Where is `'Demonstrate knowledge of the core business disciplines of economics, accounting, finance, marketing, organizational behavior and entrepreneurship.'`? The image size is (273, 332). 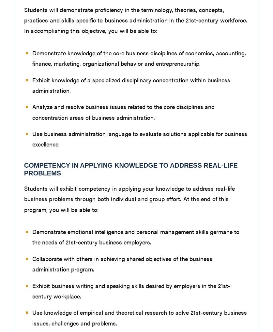
'Demonstrate knowledge of the core business disciplines of economics, accounting, finance, marketing, organizational behavior and entrepreneurship.' is located at coordinates (138, 57).